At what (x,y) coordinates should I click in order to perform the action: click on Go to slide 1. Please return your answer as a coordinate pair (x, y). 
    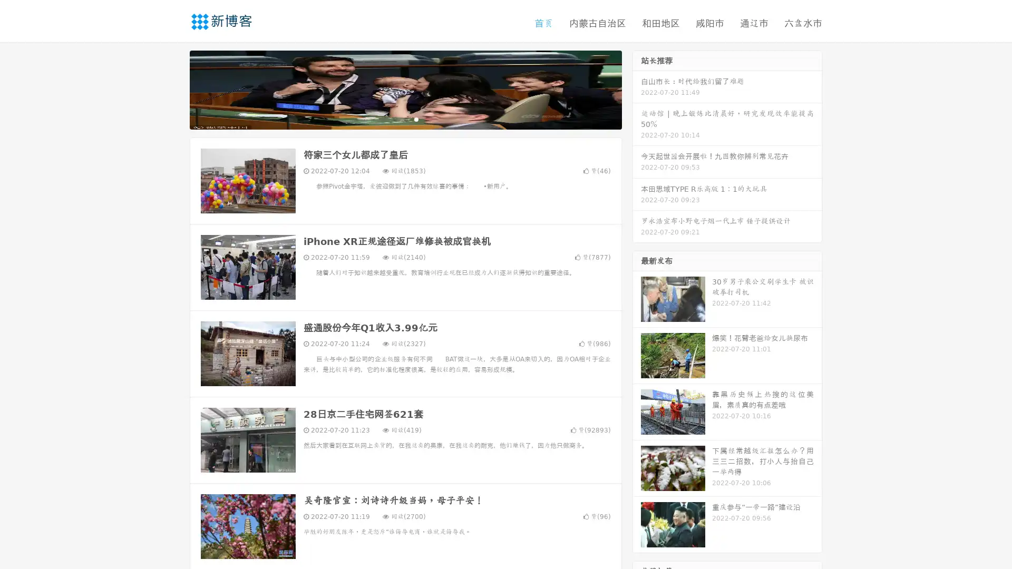
    Looking at the image, I should click on (394, 119).